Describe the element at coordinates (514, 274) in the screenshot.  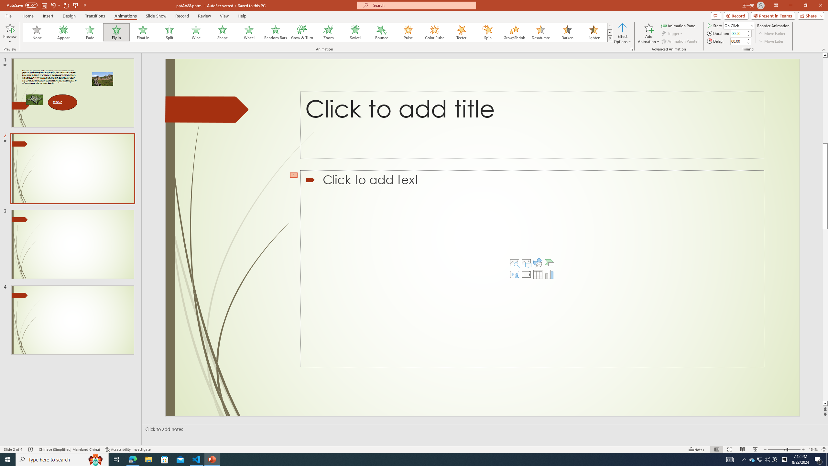
I see `'Insert Cameo'` at that location.